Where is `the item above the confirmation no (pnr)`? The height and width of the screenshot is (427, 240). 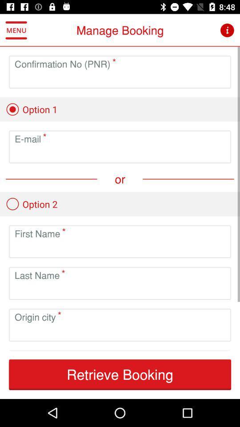
the item above the confirmation no (pnr) is located at coordinates (16, 30).